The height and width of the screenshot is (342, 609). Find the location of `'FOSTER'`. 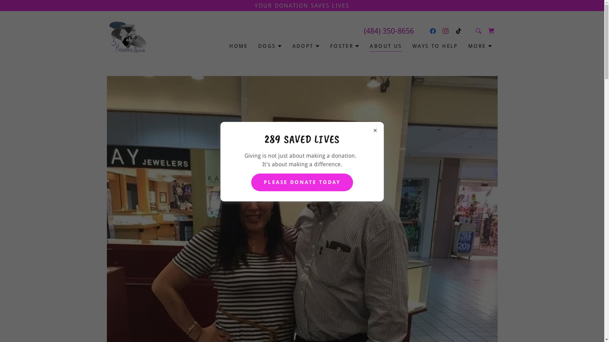

'FOSTER' is located at coordinates (345, 46).